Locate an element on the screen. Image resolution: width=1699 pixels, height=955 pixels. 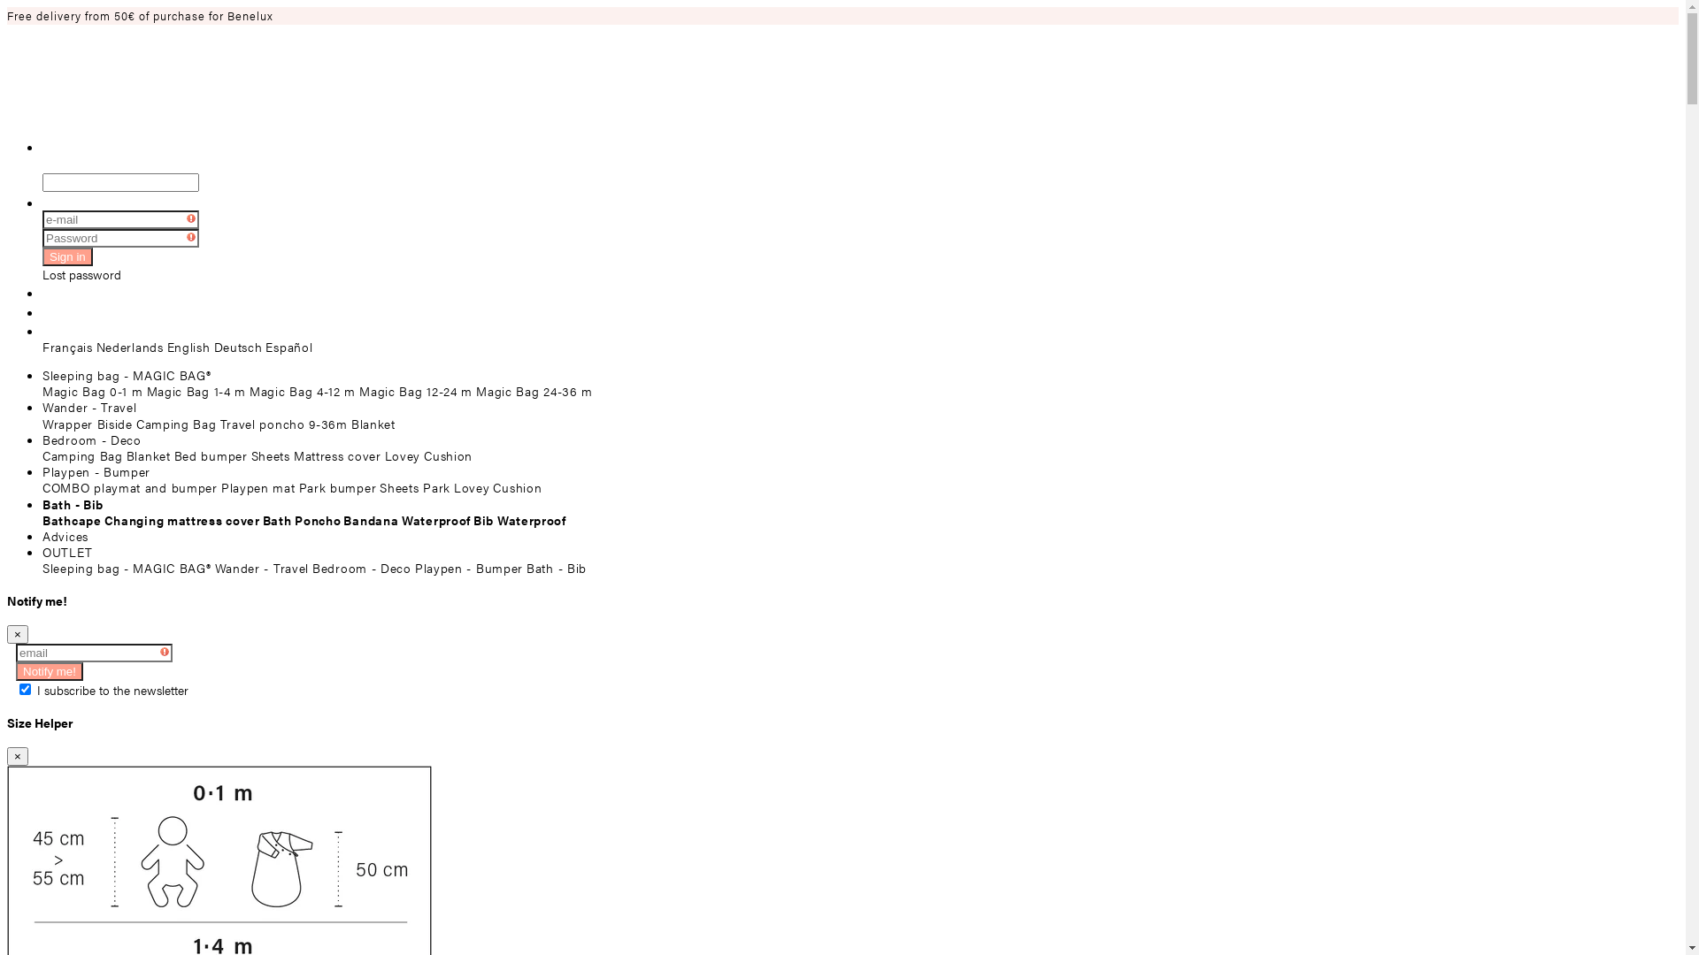
'Playpen mat' is located at coordinates (258, 487).